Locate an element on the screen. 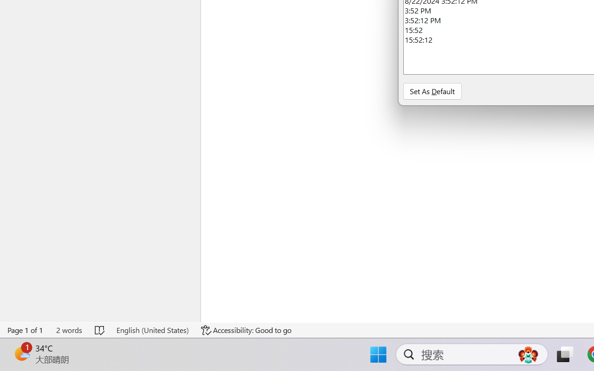 This screenshot has width=594, height=371. 'AutomationID: DynamicSearchBoxGleamImage' is located at coordinates (528, 354).